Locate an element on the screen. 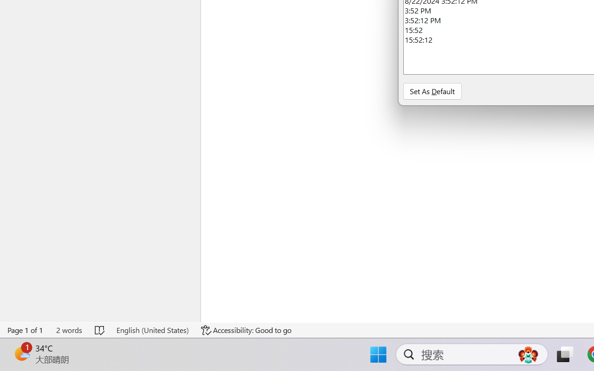 This screenshot has width=594, height=371. 'AutomationID: DynamicSearchBoxGleamImage' is located at coordinates (528, 354).